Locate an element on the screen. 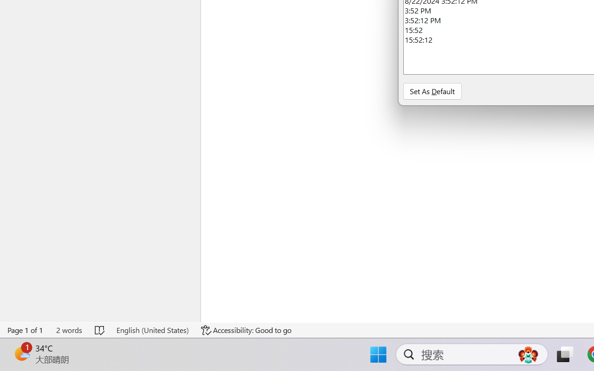 This screenshot has width=594, height=371. 'AutomationID: DynamicSearchBoxGleamImage' is located at coordinates (528, 354).